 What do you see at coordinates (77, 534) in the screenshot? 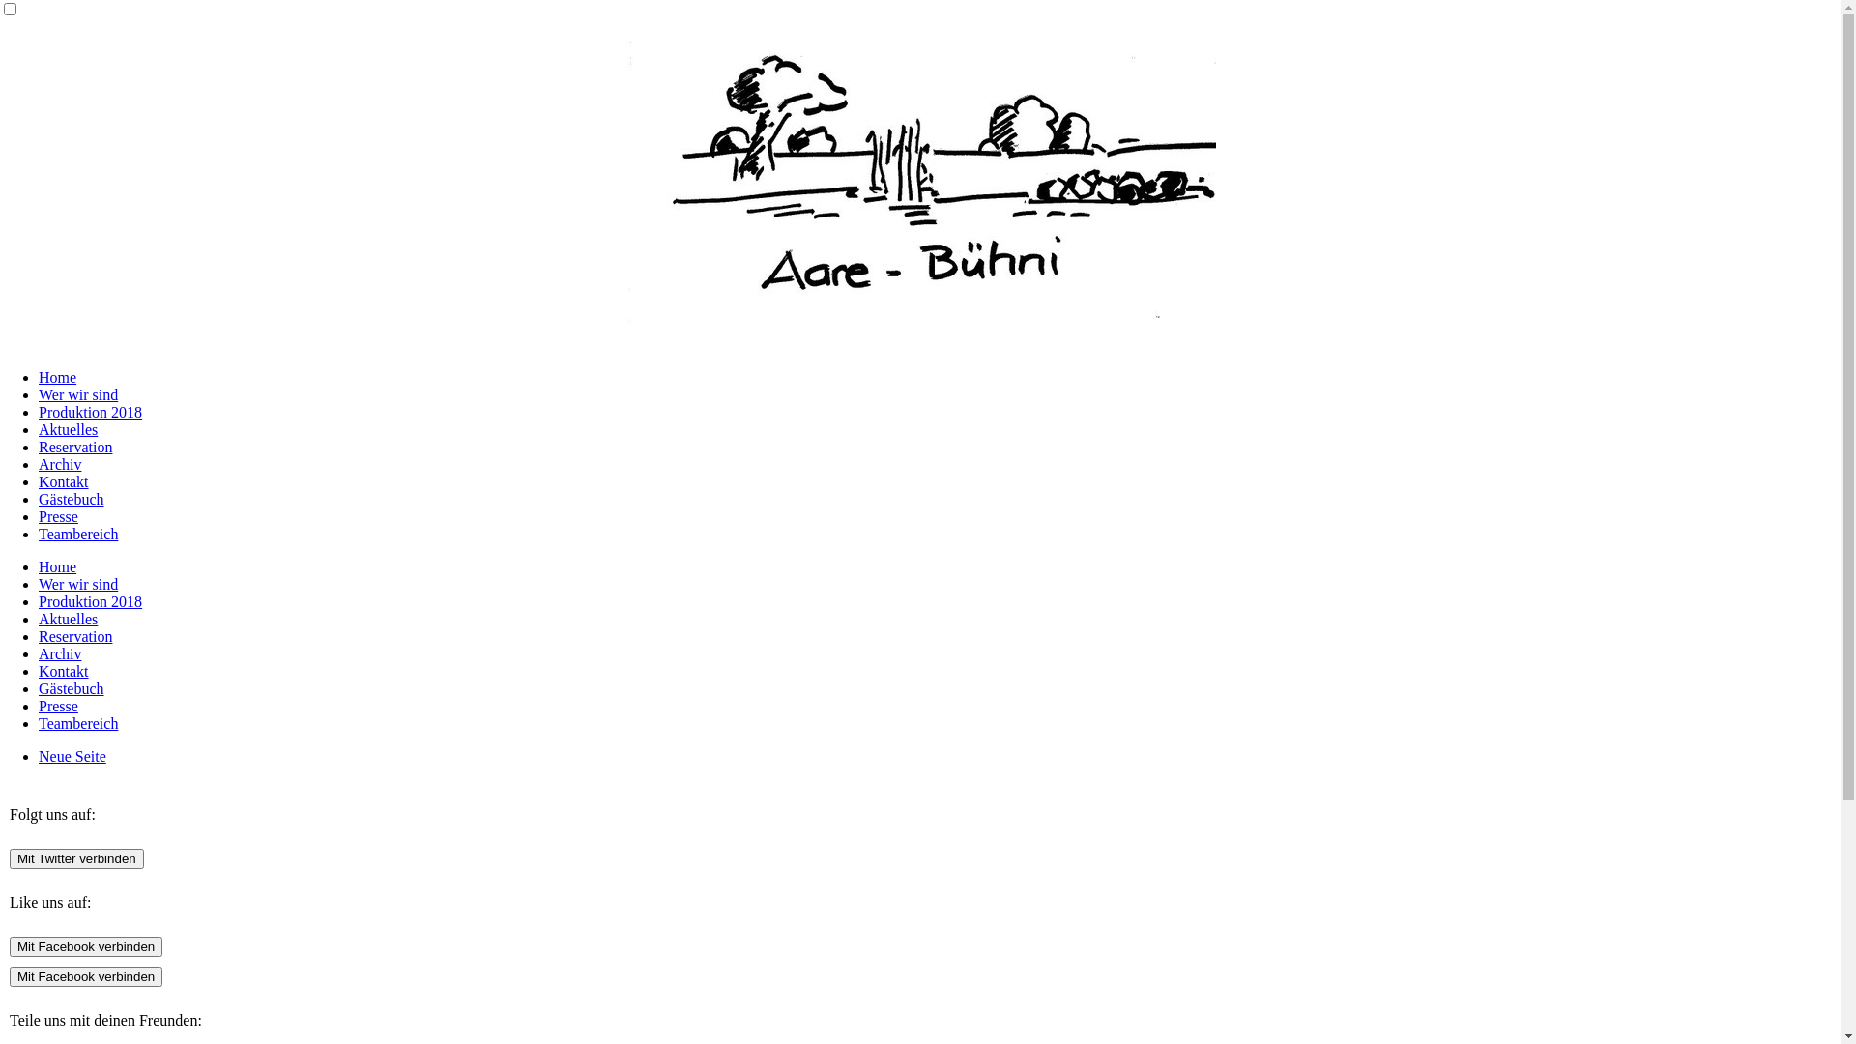
I see `'Teambereich'` at bounding box center [77, 534].